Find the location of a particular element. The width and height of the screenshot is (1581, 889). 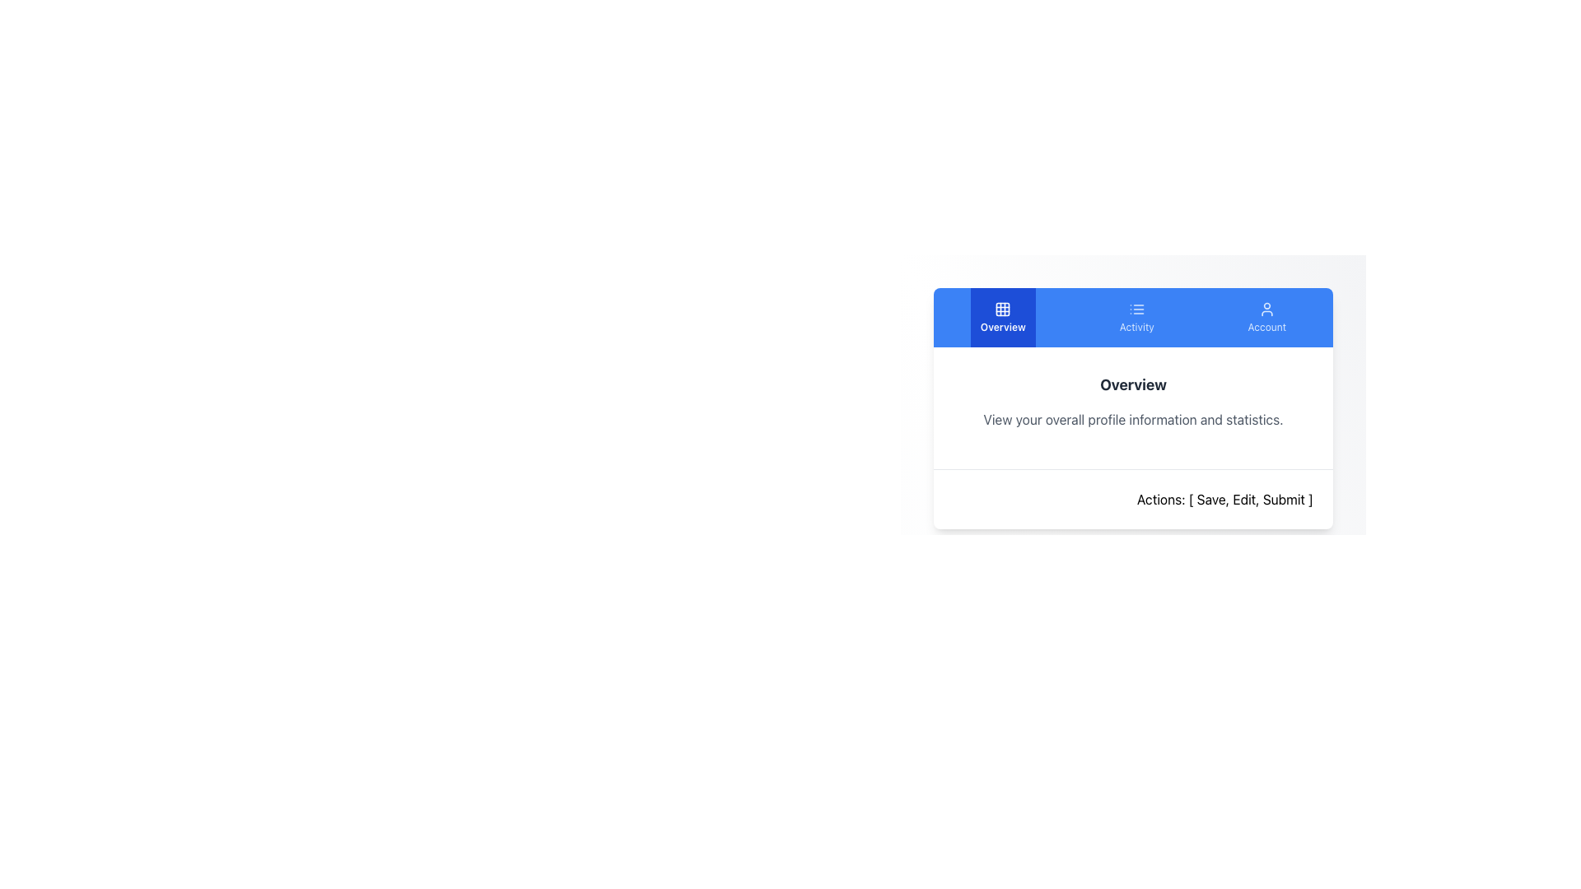

the static text element that reads 'View your overall profile information and statistics.', which is styled with a gray font and located directly below the 'Overview' title is located at coordinates (1132, 418).